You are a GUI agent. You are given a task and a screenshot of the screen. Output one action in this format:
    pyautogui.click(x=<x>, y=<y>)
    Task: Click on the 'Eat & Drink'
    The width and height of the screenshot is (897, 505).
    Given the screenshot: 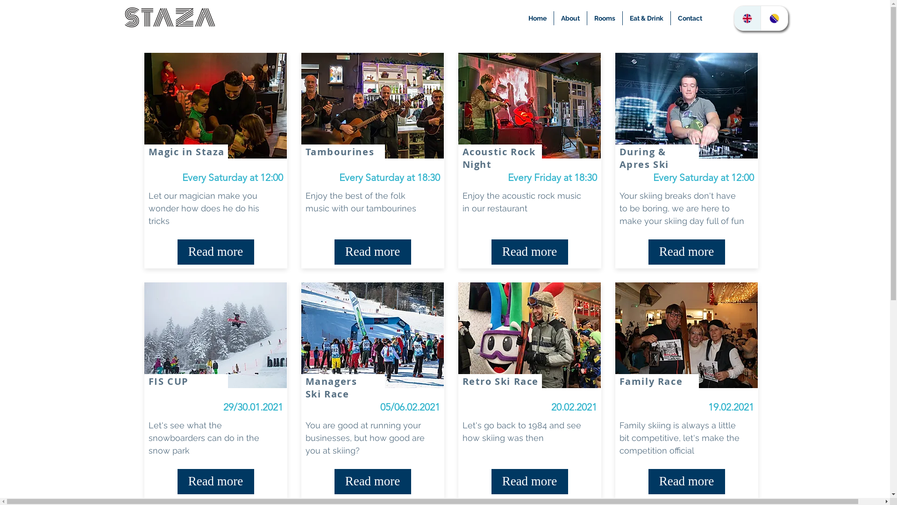 What is the action you would take?
    pyautogui.click(x=645, y=18)
    